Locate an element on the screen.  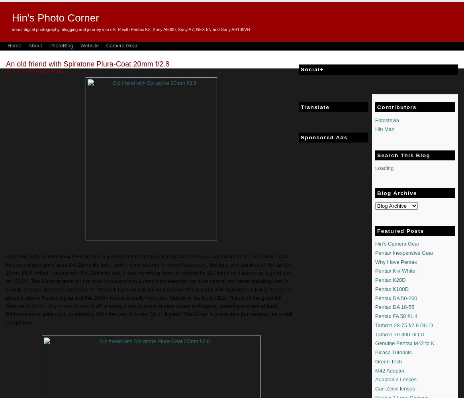
'Tamron 70-300 Di LD' is located at coordinates (399, 334).